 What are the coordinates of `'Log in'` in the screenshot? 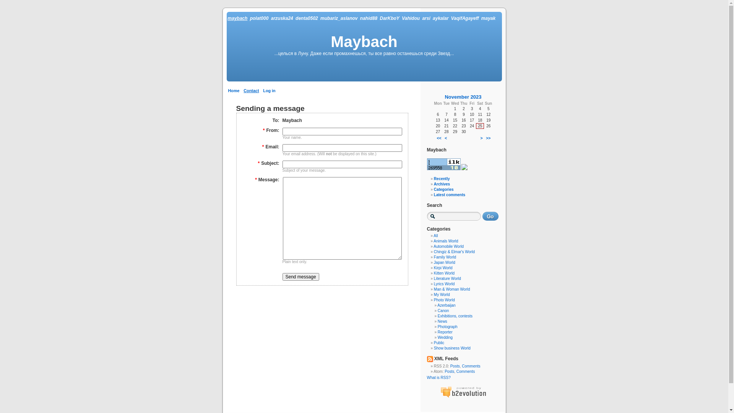 It's located at (269, 90).